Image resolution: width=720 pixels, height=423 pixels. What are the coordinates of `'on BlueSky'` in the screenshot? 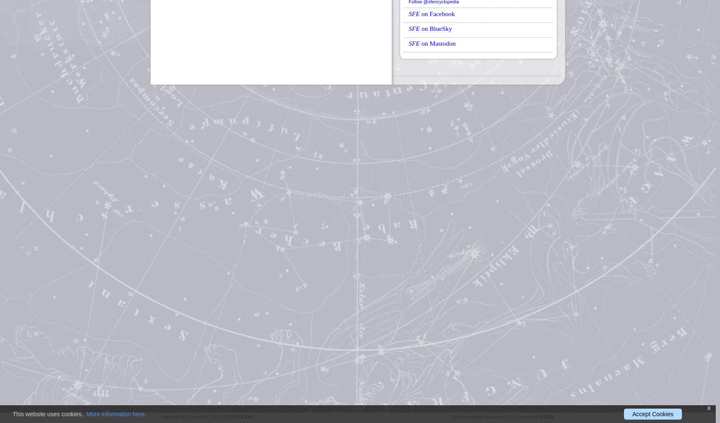 It's located at (435, 27).